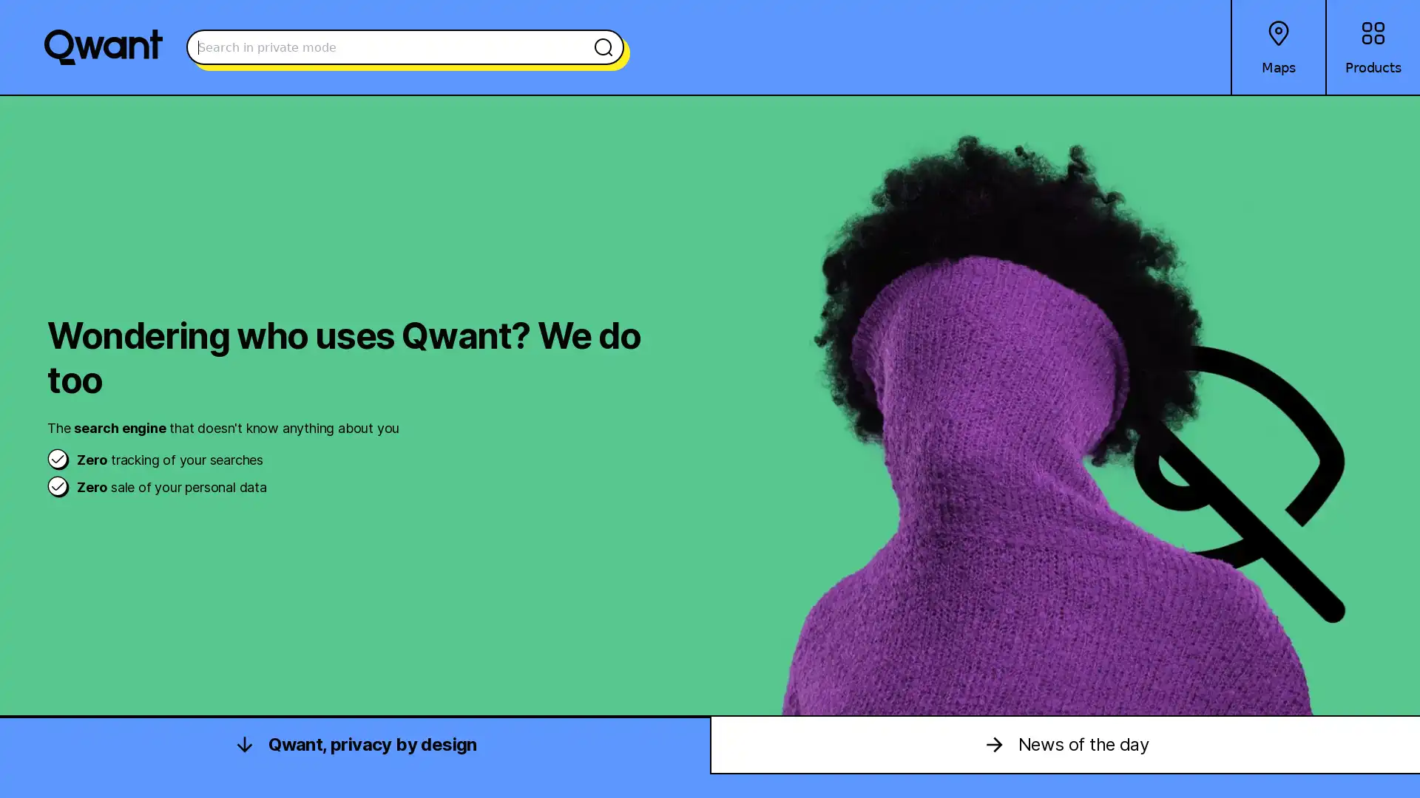 The width and height of the screenshot is (1420, 798). Describe the element at coordinates (567, 47) in the screenshot. I see `Search the web` at that location.